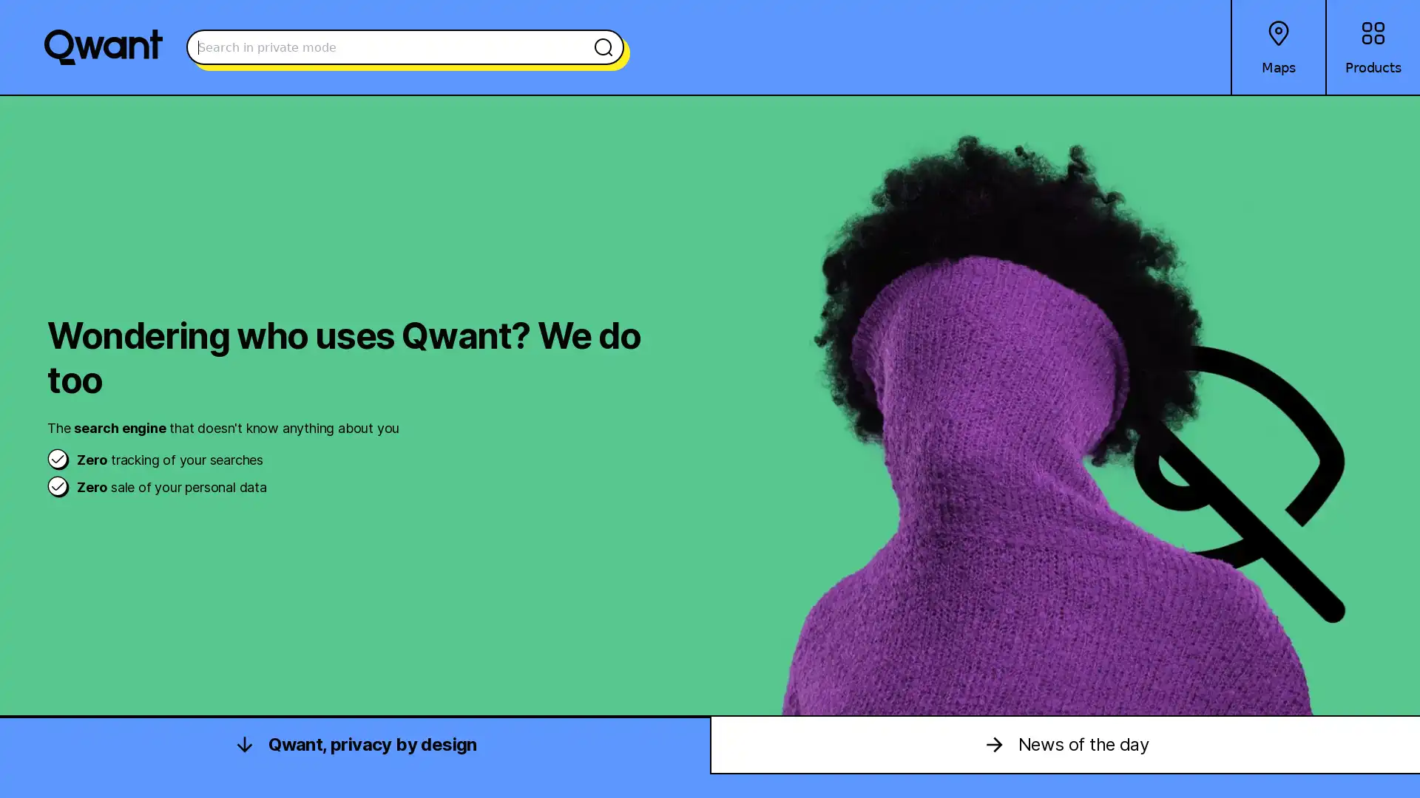 The width and height of the screenshot is (1420, 798). Describe the element at coordinates (567, 47) in the screenshot. I see `Search the web` at that location.